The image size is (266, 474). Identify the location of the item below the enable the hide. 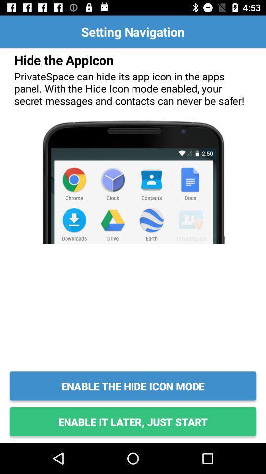
(133, 421).